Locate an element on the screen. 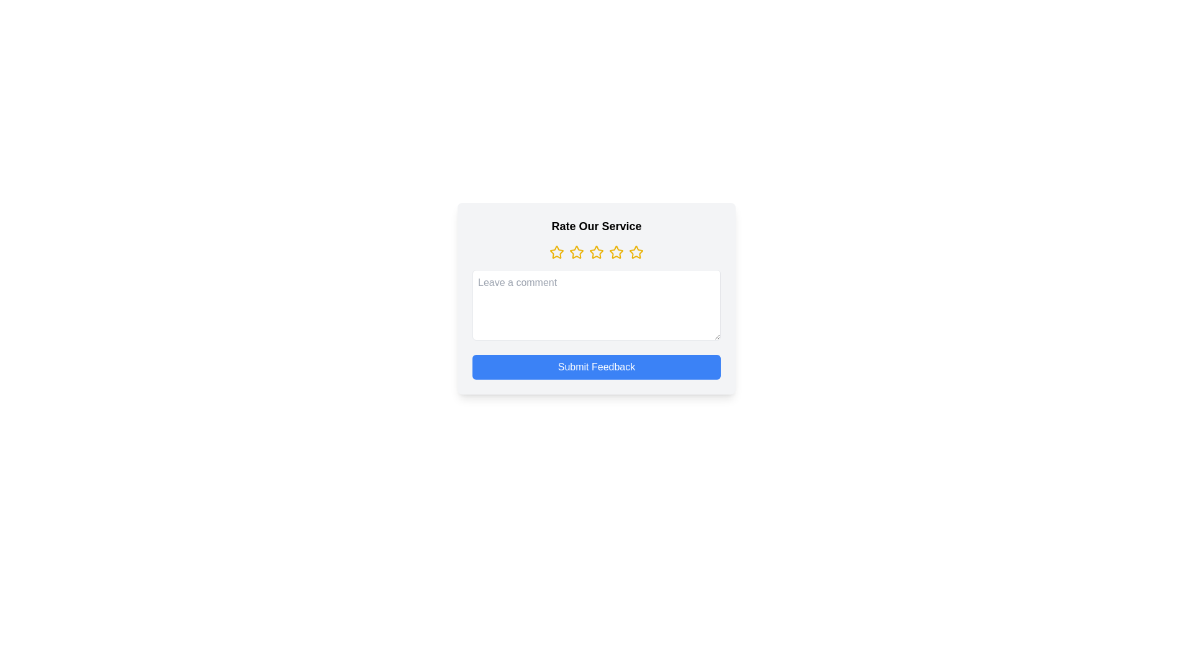 The width and height of the screenshot is (1192, 670). the third star-shaped rating icon, which is gold and part of a five-star rating system, to confirm the selection is located at coordinates (596, 251).